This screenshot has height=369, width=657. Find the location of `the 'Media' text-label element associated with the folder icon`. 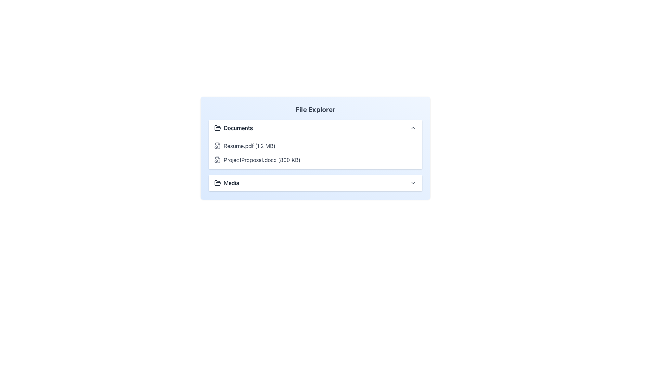

the 'Media' text-label element associated with the folder icon is located at coordinates (227, 183).